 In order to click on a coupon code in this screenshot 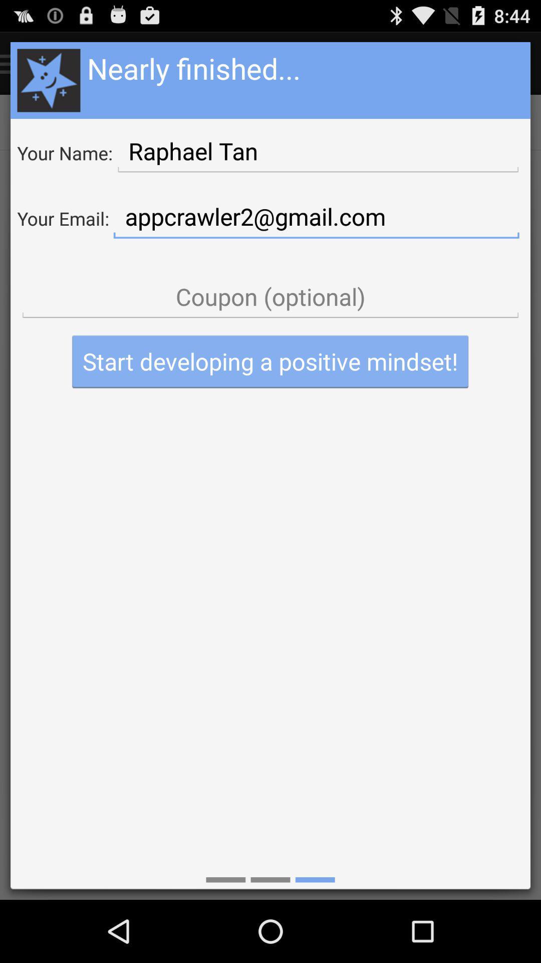, I will do `click(270, 296)`.